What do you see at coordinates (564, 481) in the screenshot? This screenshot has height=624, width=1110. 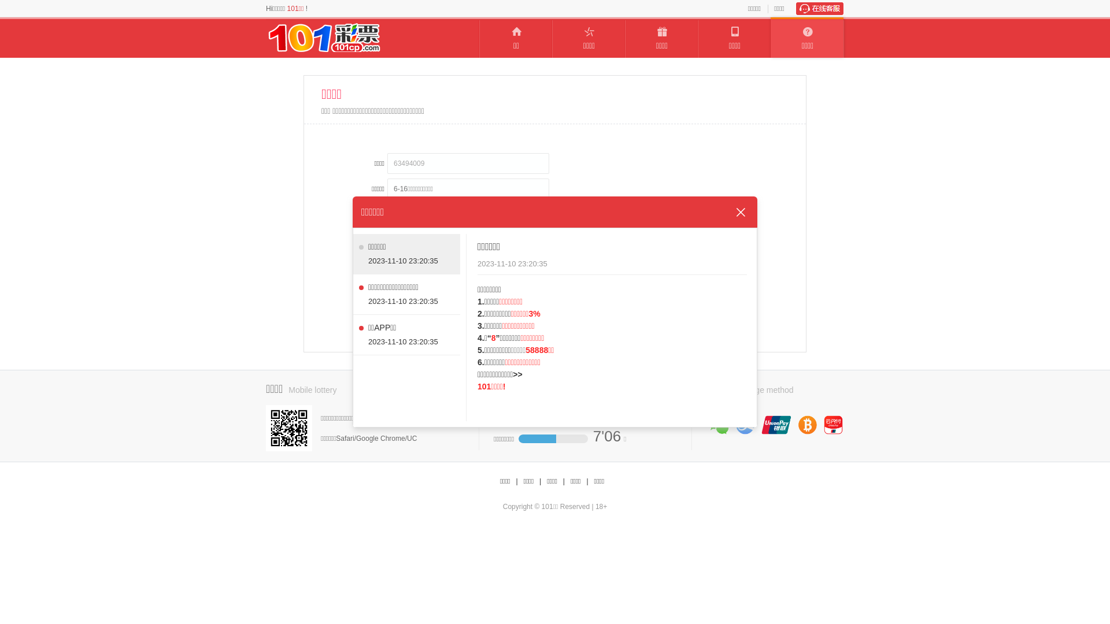 I see `'|'` at bounding box center [564, 481].